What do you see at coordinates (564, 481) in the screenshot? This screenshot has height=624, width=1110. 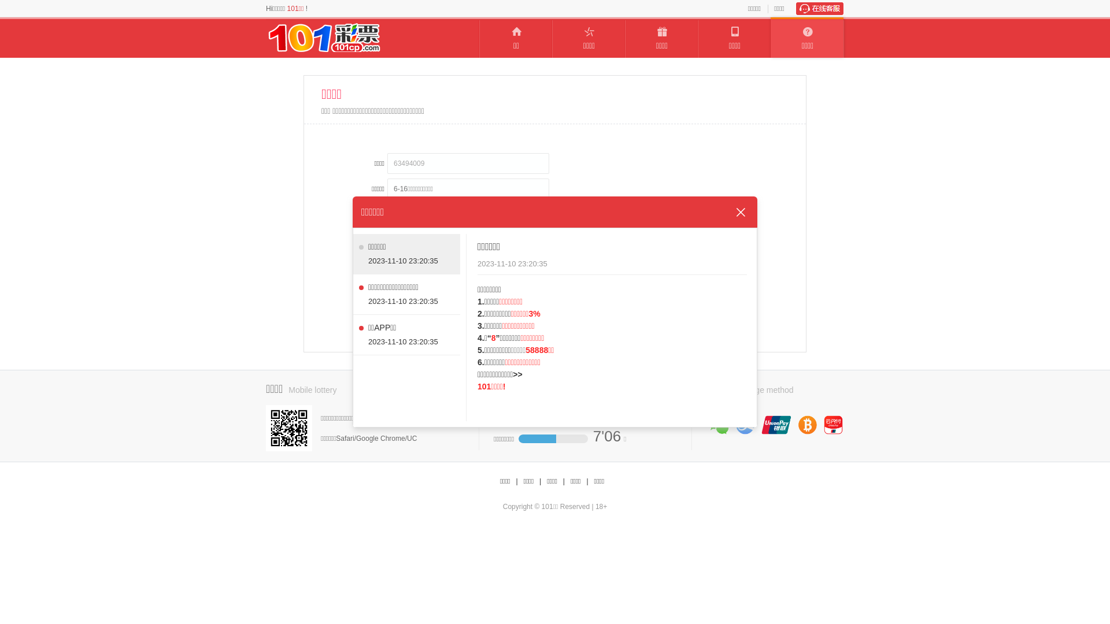 I see `'|'` at bounding box center [564, 481].